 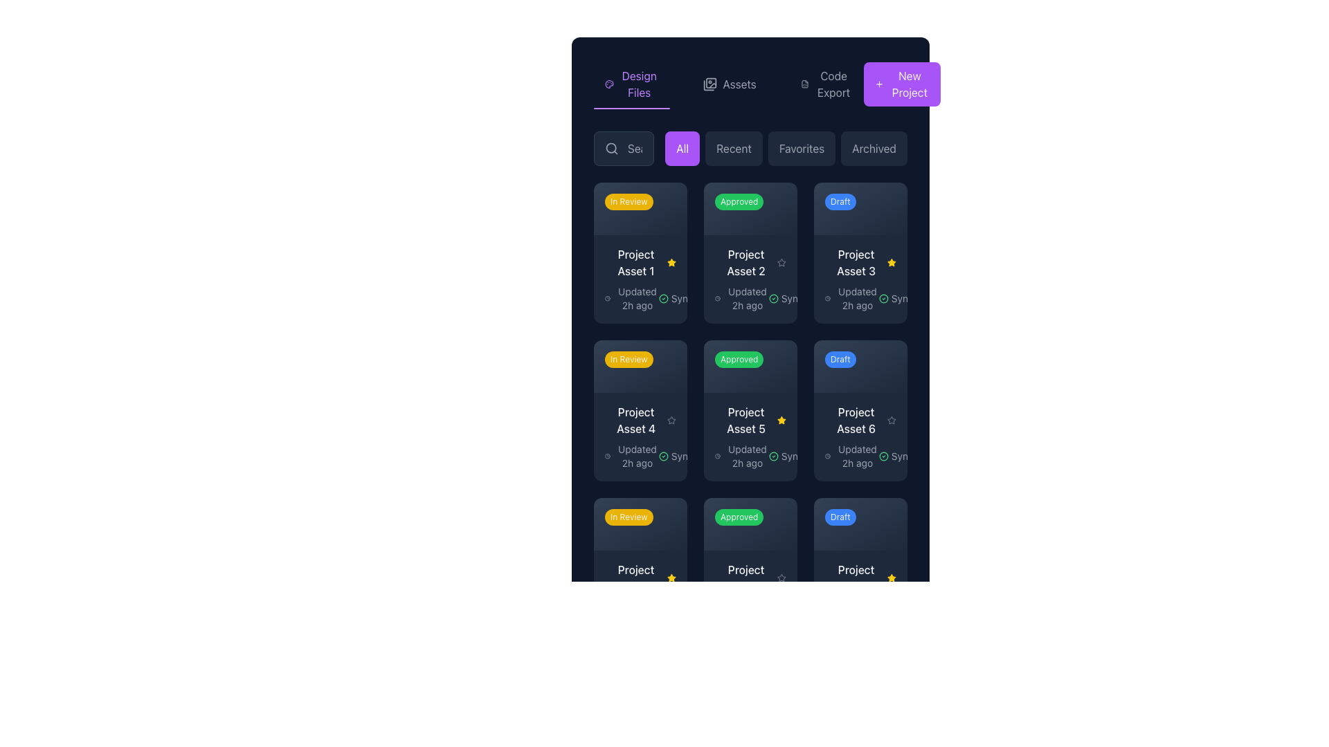 I want to click on the text of the Badge indicating the status of the associated card's content marked as 'Draft', located in the top-left corner of the third card in the last row of the grid layout, so click(x=840, y=517).